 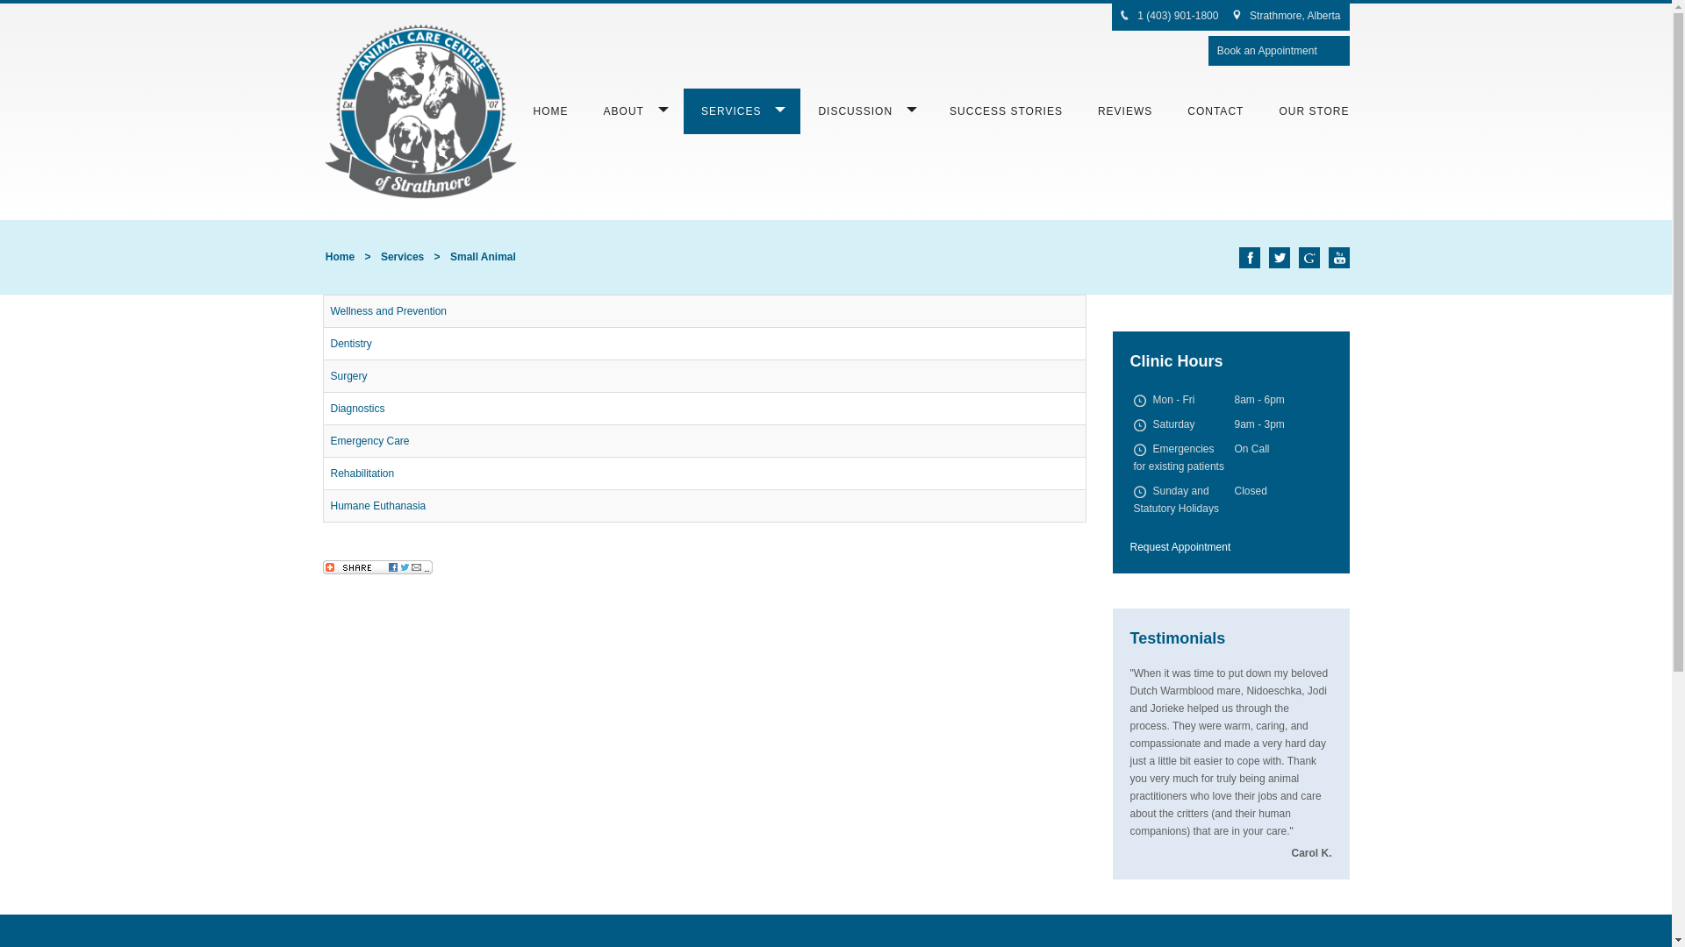 What do you see at coordinates (1338, 257) in the screenshot?
I see `'YouTube'` at bounding box center [1338, 257].